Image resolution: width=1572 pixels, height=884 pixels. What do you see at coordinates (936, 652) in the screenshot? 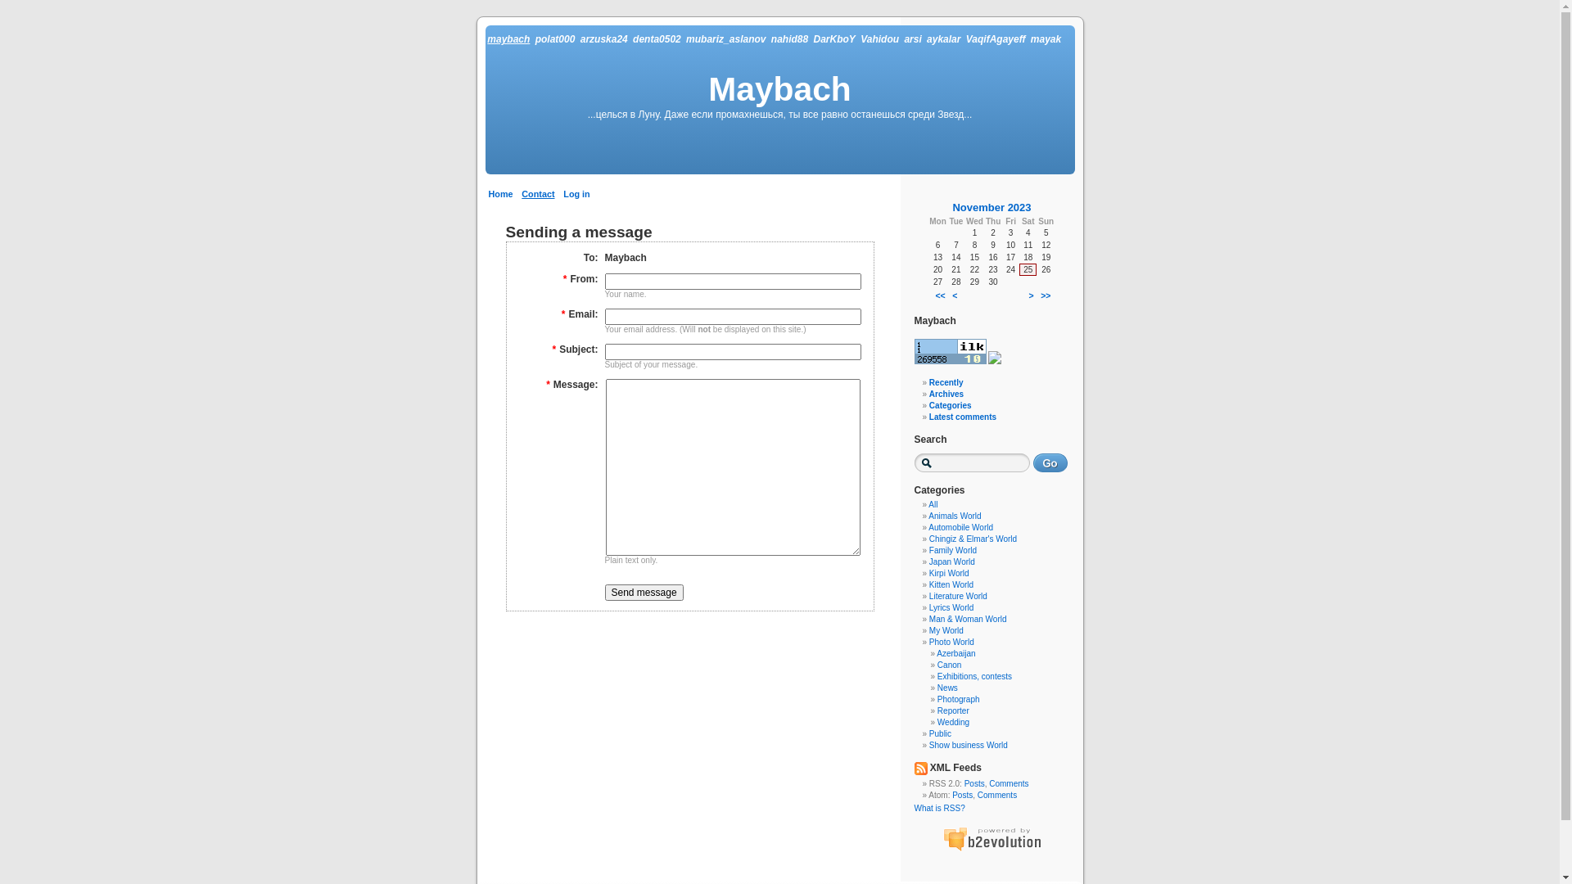
I see `'Azerbaijan'` at bounding box center [936, 652].